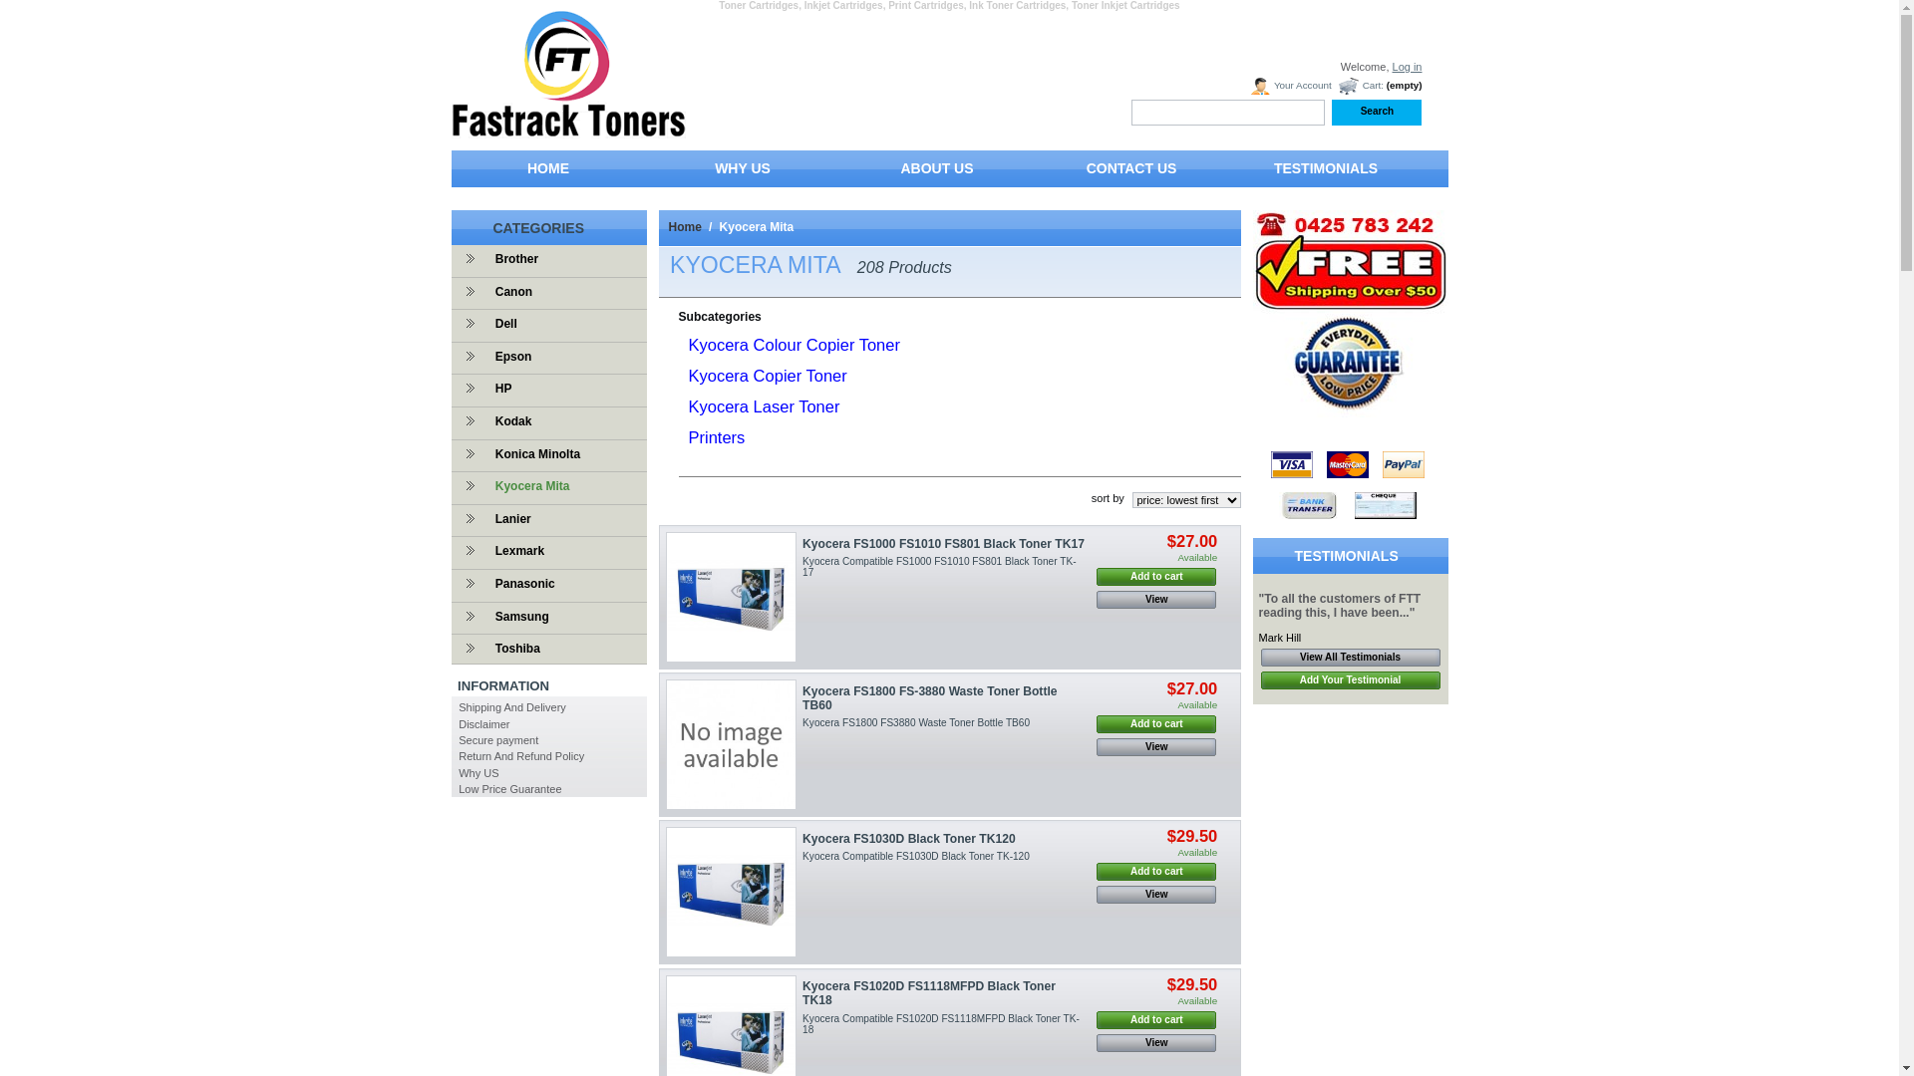  What do you see at coordinates (501, 322) in the screenshot?
I see `'Dell'` at bounding box center [501, 322].